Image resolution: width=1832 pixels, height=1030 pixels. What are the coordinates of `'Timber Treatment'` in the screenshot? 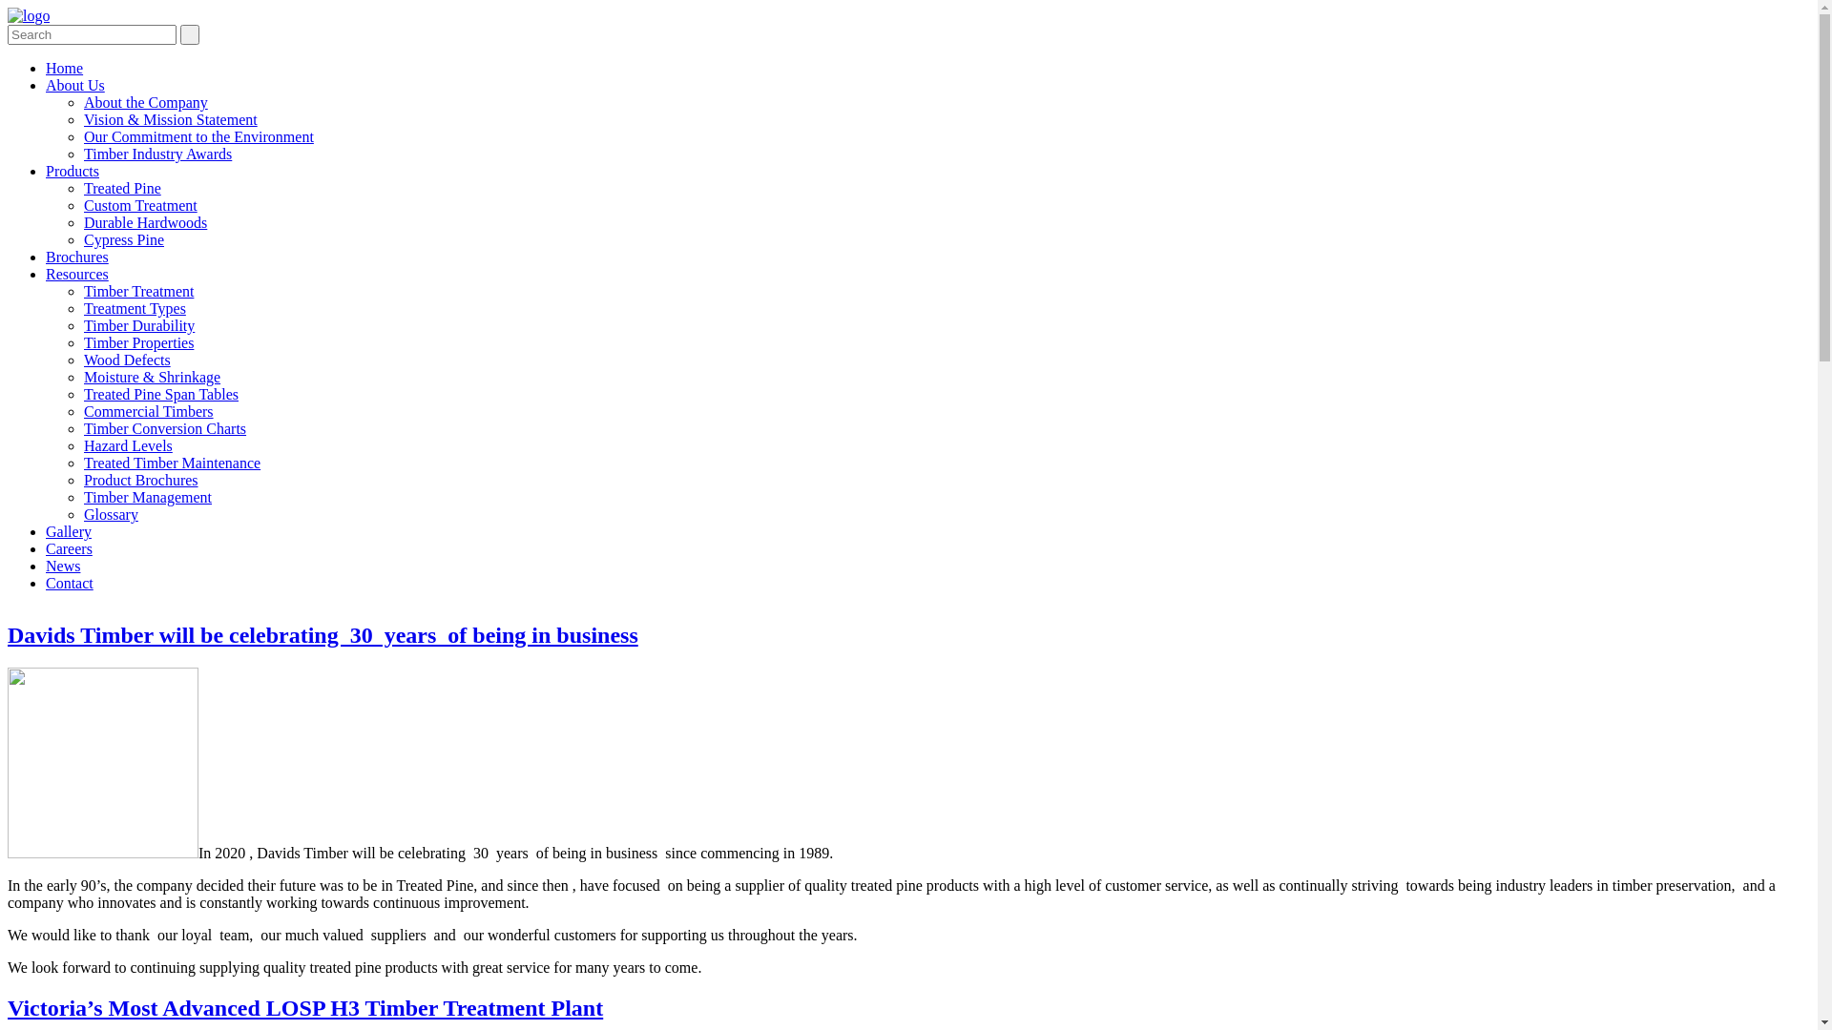 It's located at (137, 291).